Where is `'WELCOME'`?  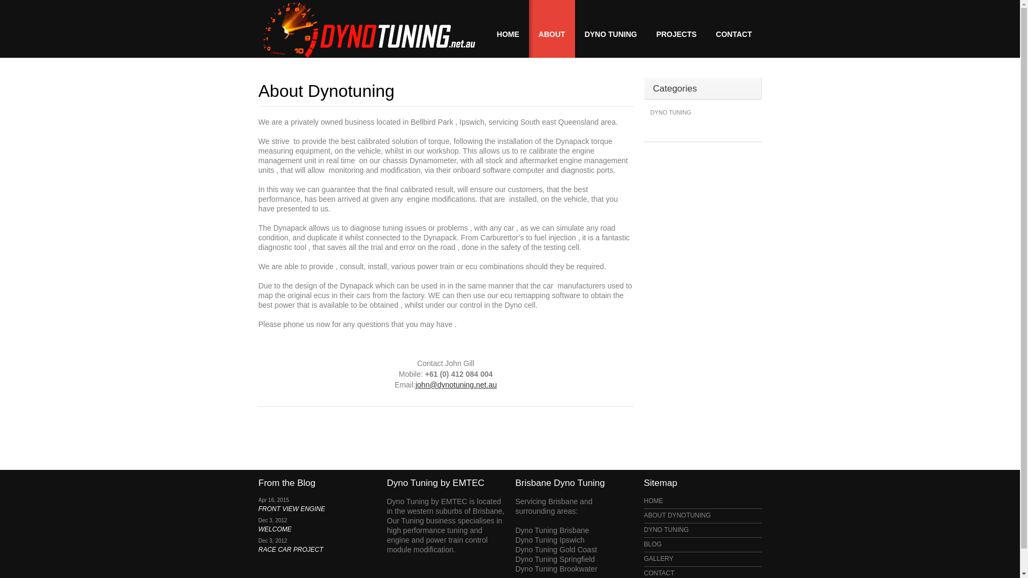 'WELCOME' is located at coordinates (258, 528).